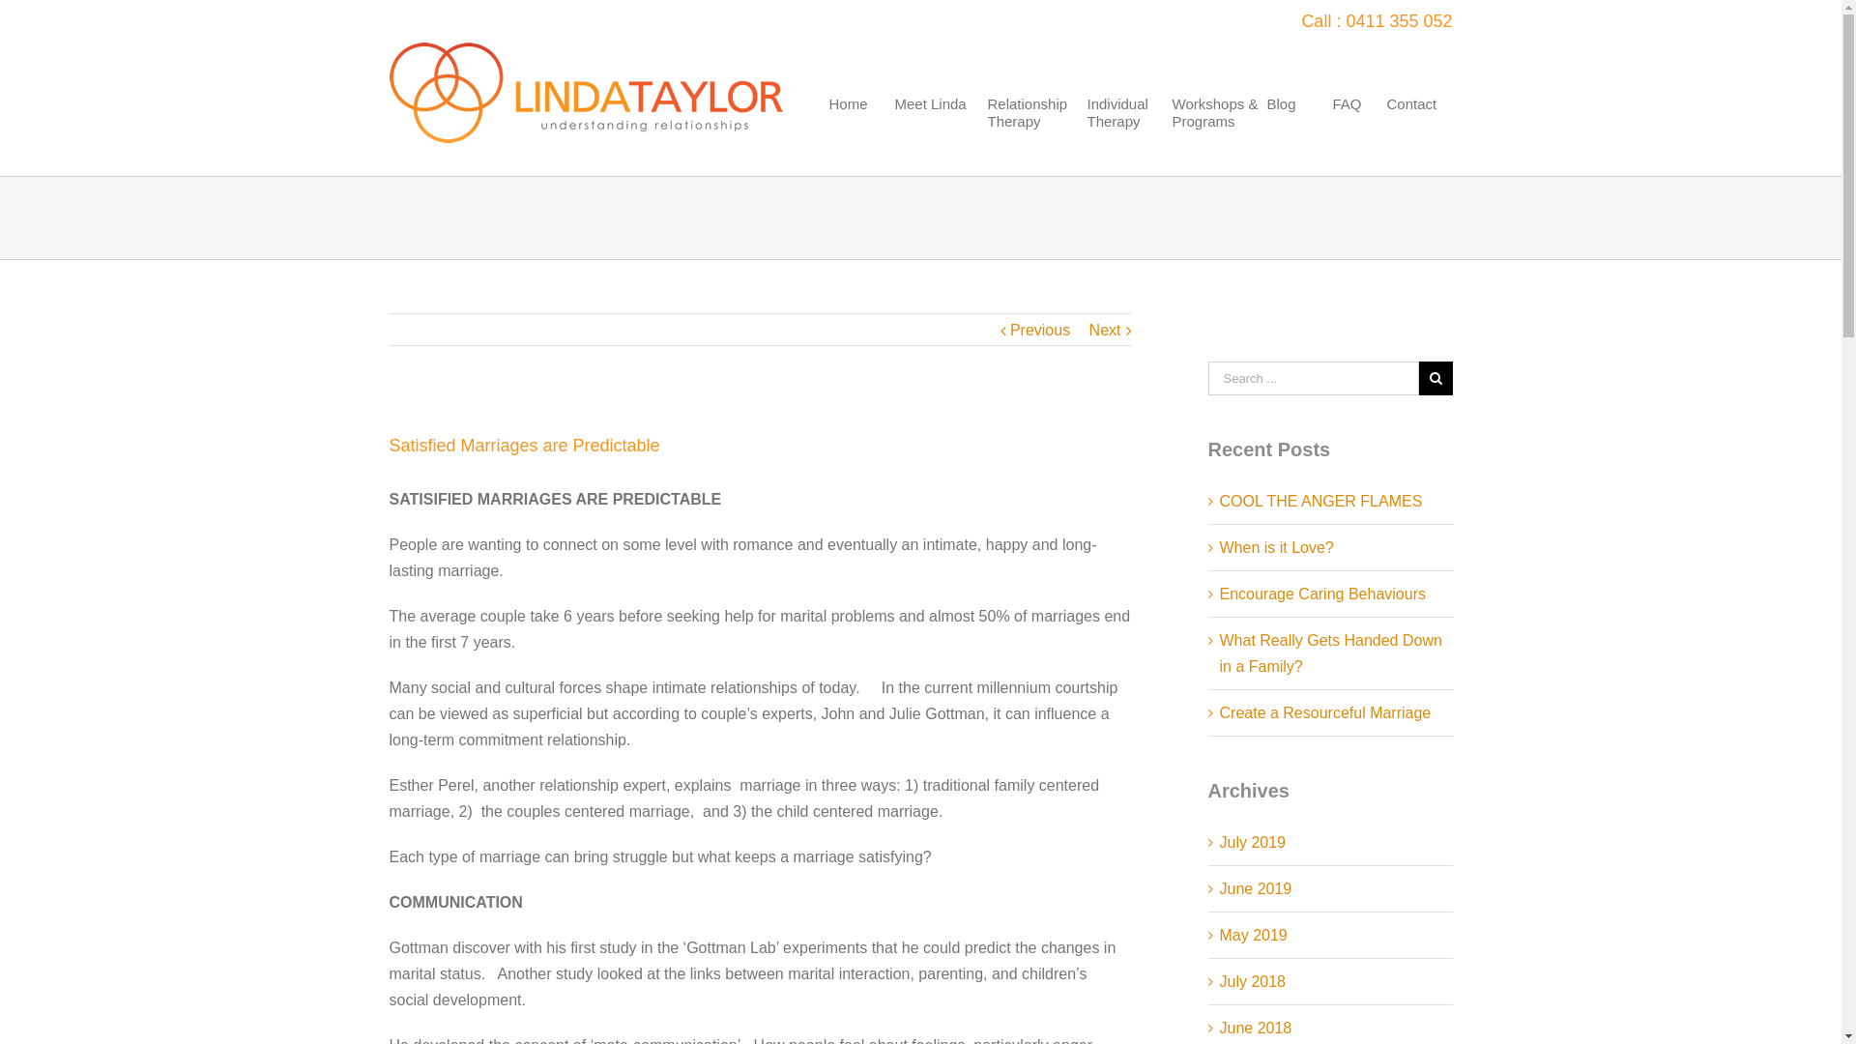 This screenshot has width=1856, height=1044. What do you see at coordinates (1256, 888) in the screenshot?
I see `'June 2019'` at bounding box center [1256, 888].